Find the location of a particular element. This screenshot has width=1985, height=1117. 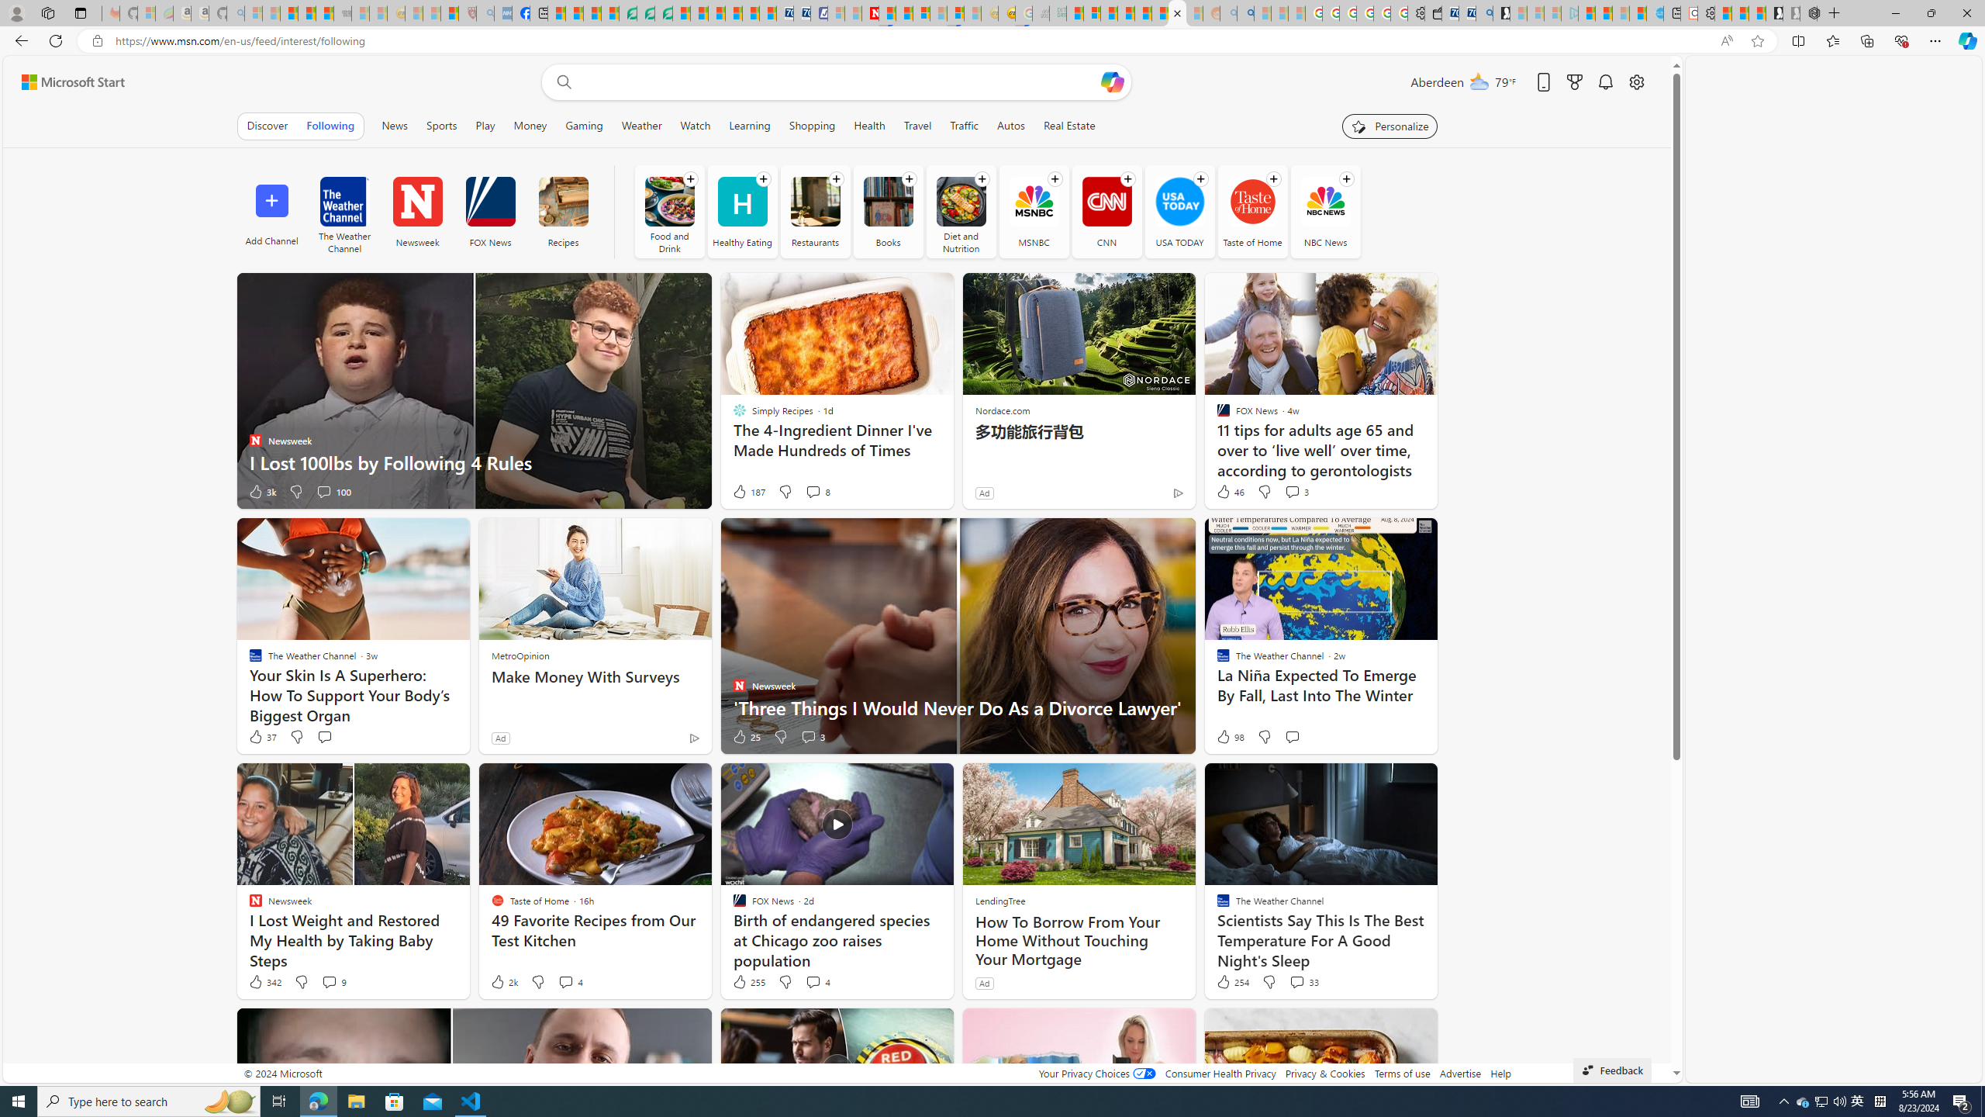

'Gaming' is located at coordinates (584, 125).